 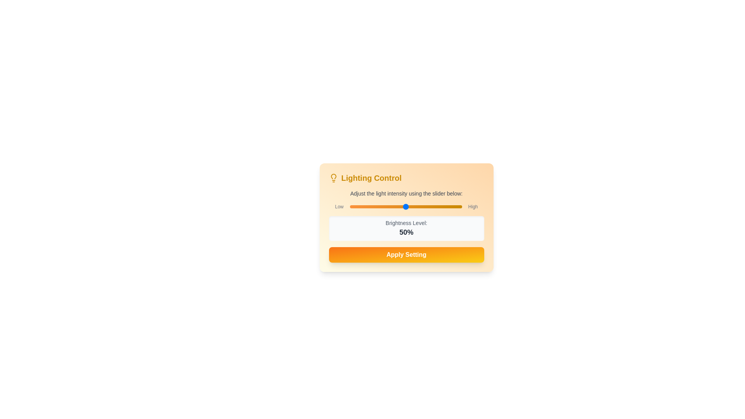 I want to click on the slider, so click(x=453, y=206).